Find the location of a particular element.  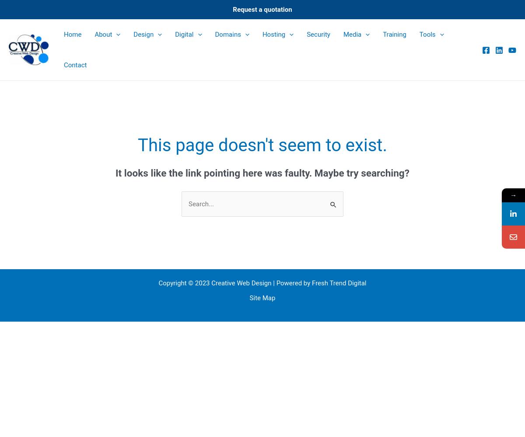

'Site Map' is located at coordinates (262, 298).